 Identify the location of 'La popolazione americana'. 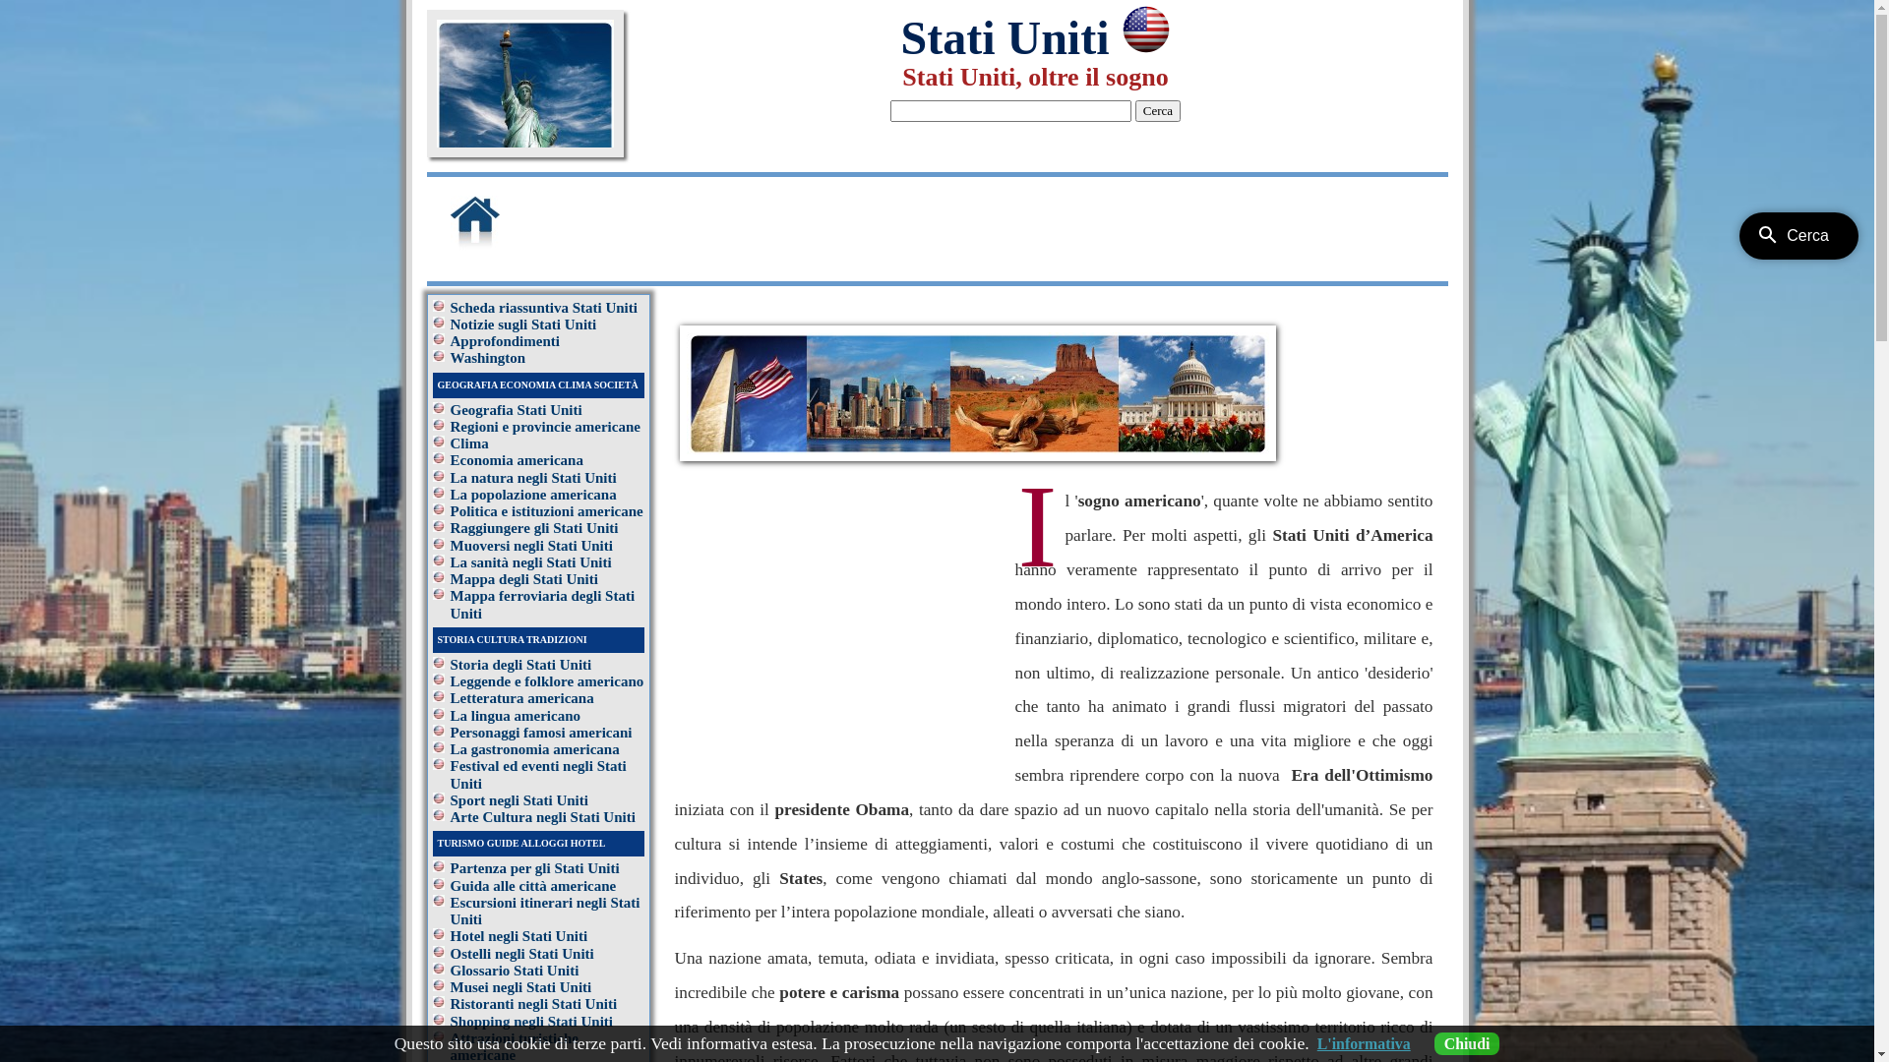
(533, 493).